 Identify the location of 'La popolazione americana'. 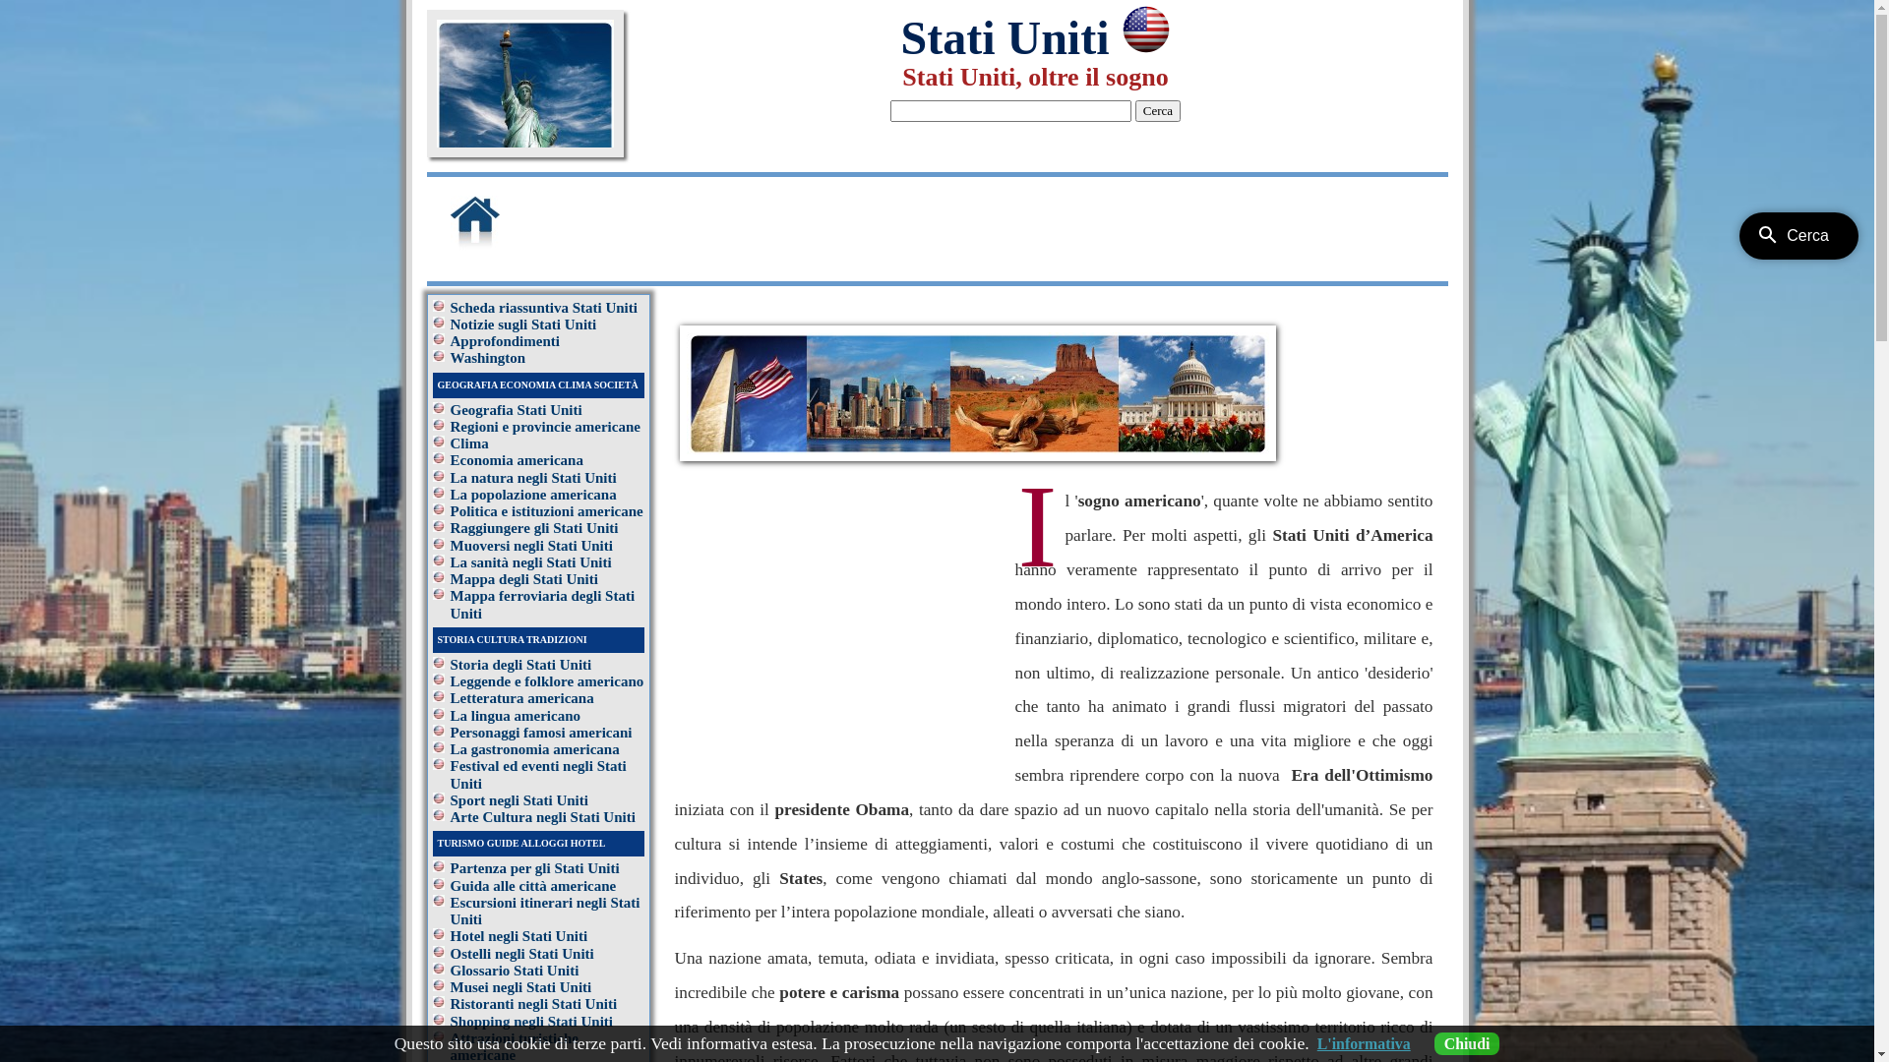
(533, 493).